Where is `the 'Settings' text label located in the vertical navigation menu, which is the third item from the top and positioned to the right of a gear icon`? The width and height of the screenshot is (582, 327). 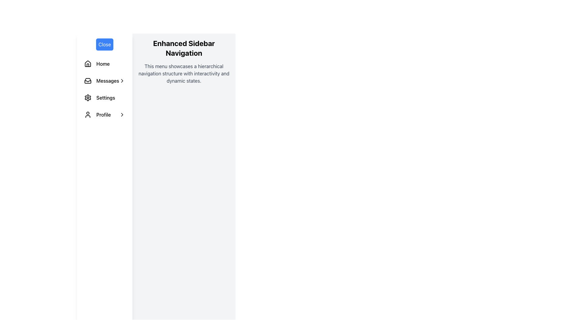 the 'Settings' text label located in the vertical navigation menu, which is the third item from the top and positioned to the right of a gear icon is located at coordinates (111, 97).